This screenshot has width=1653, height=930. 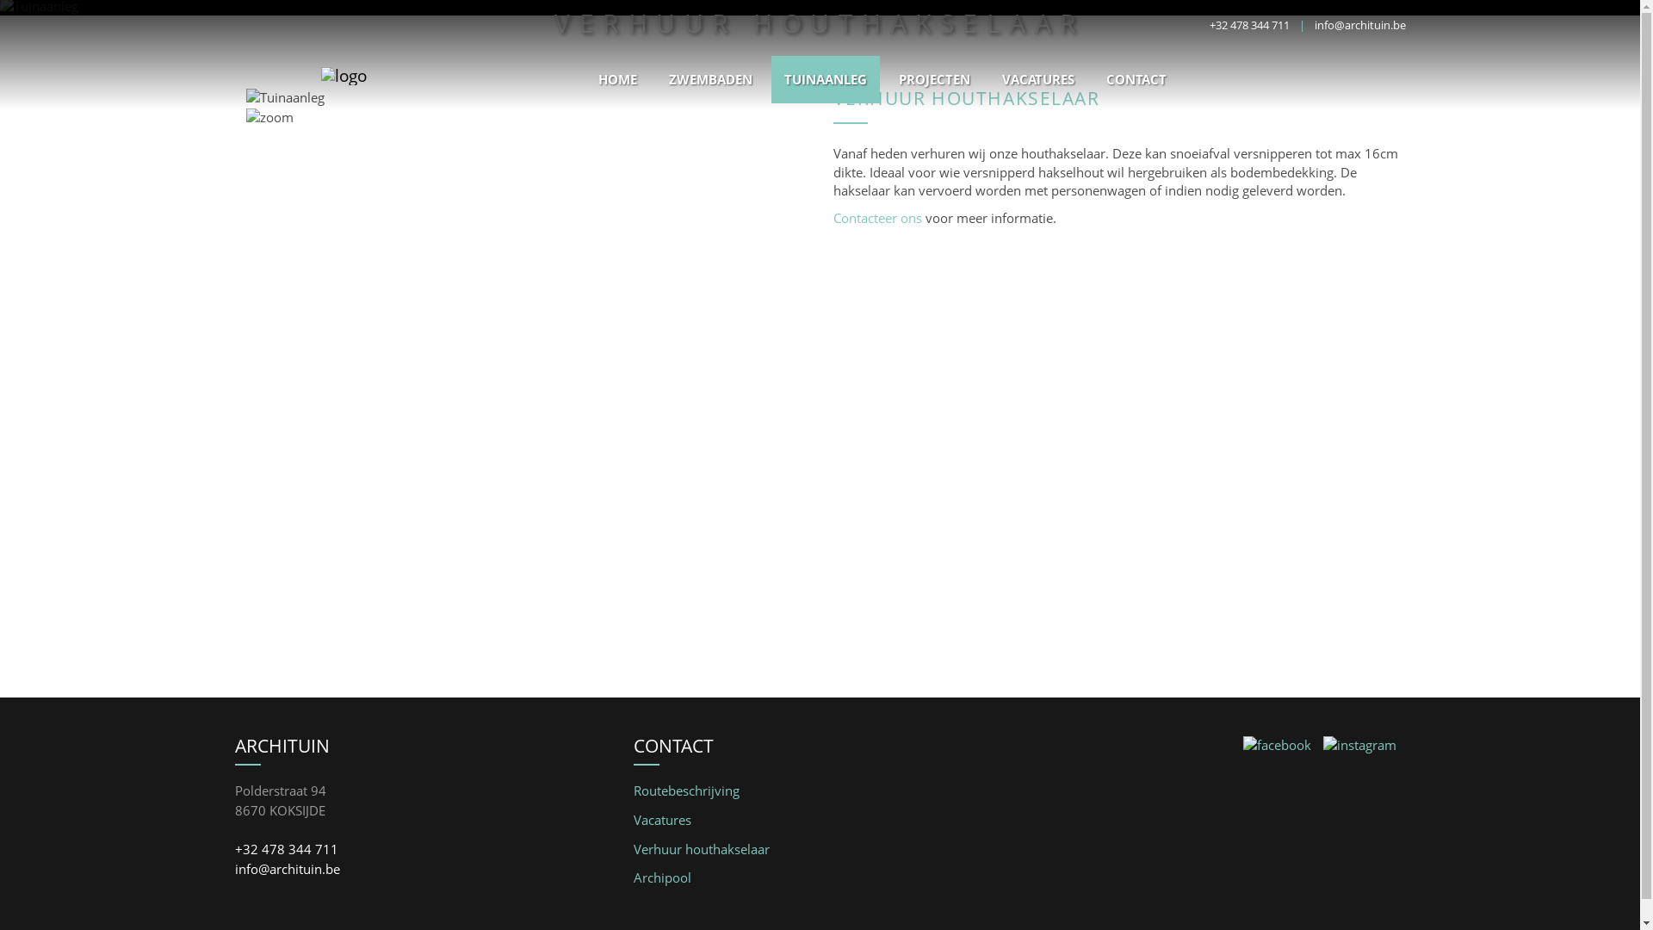 What do you see at coordinates (632, 877) in the screenshot?
I see `'Archipool'` at bounding box center [632, 877].